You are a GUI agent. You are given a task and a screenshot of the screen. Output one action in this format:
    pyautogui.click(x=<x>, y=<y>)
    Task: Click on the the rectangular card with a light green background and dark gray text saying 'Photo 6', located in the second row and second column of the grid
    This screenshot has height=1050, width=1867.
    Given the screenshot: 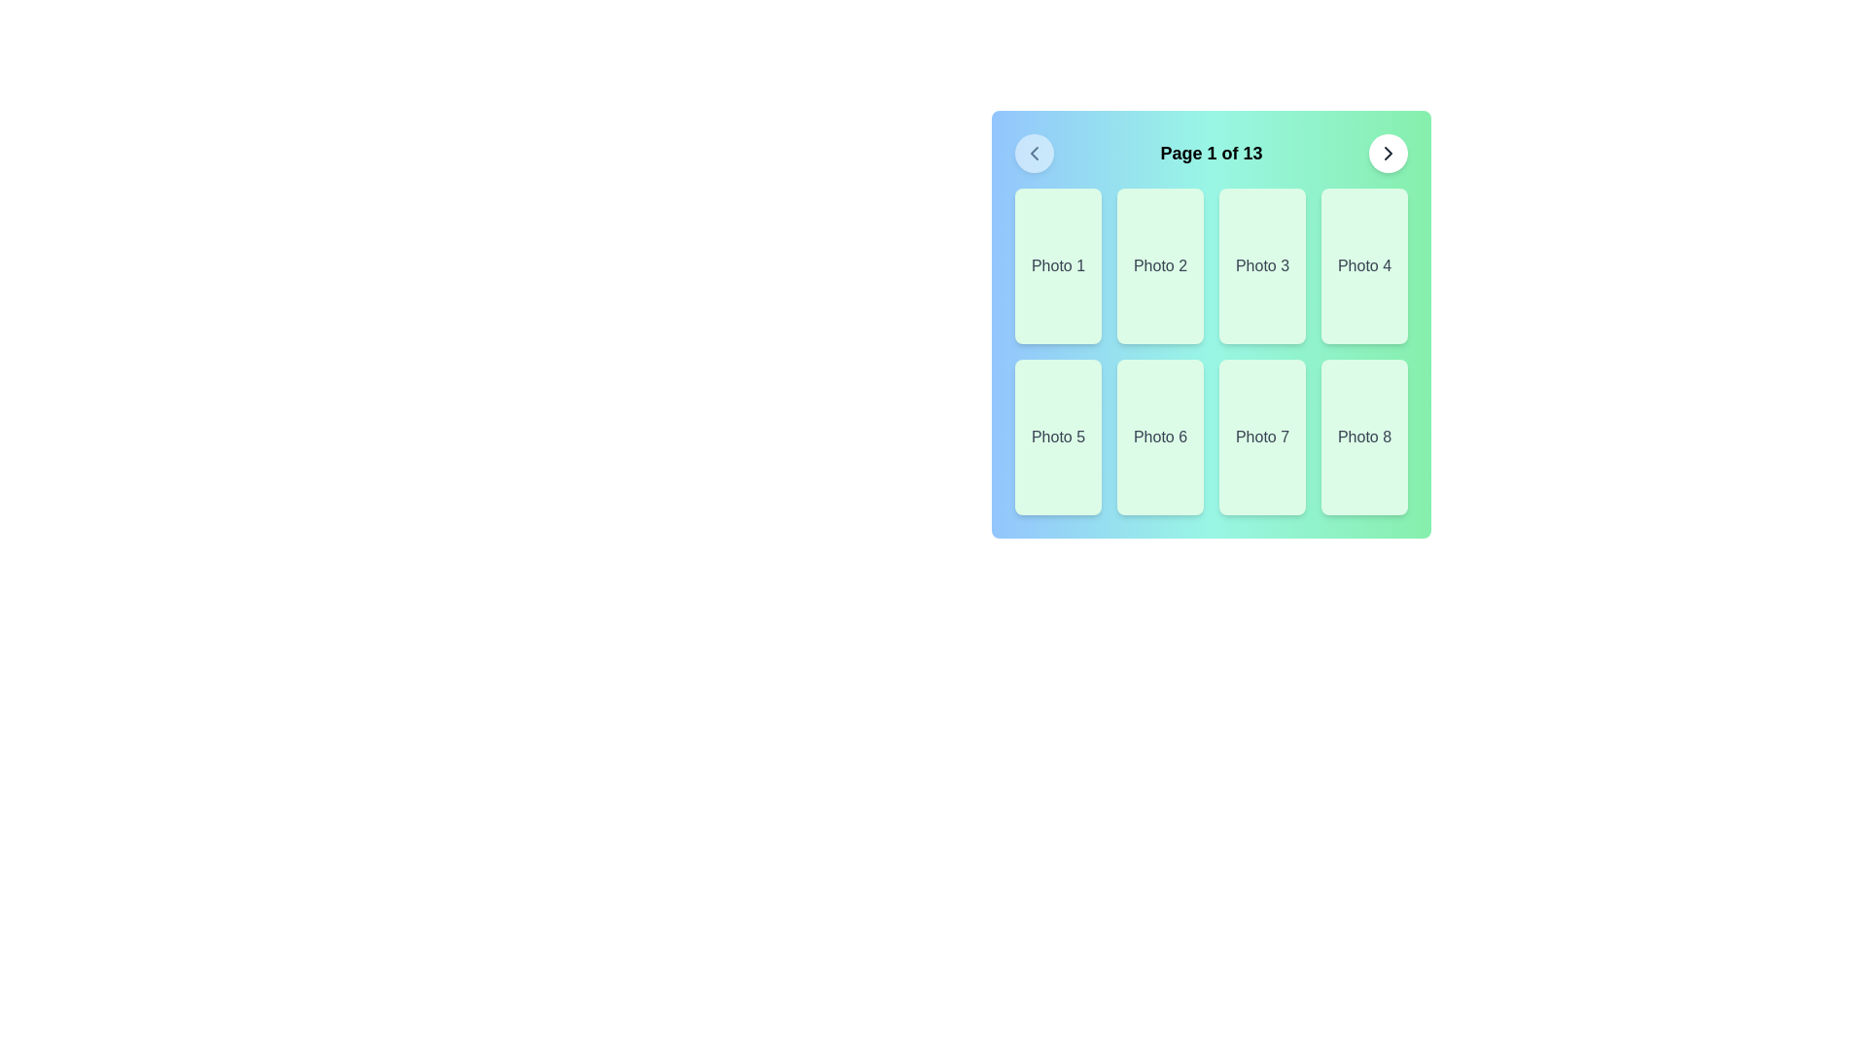 What is the action you would take?
    pyautogui.click(x=1160, y=437)
    